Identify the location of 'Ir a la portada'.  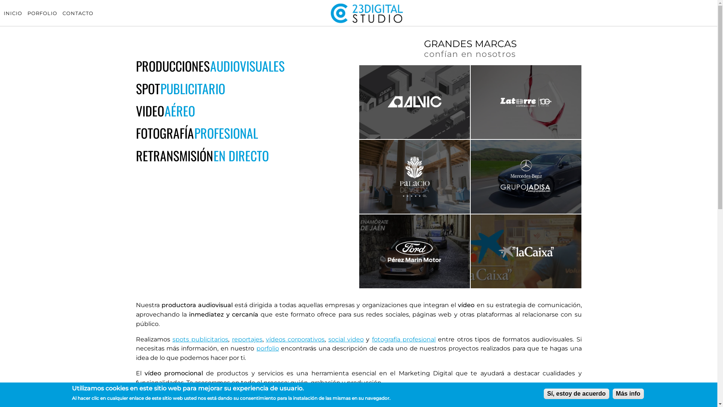
(367, 22).